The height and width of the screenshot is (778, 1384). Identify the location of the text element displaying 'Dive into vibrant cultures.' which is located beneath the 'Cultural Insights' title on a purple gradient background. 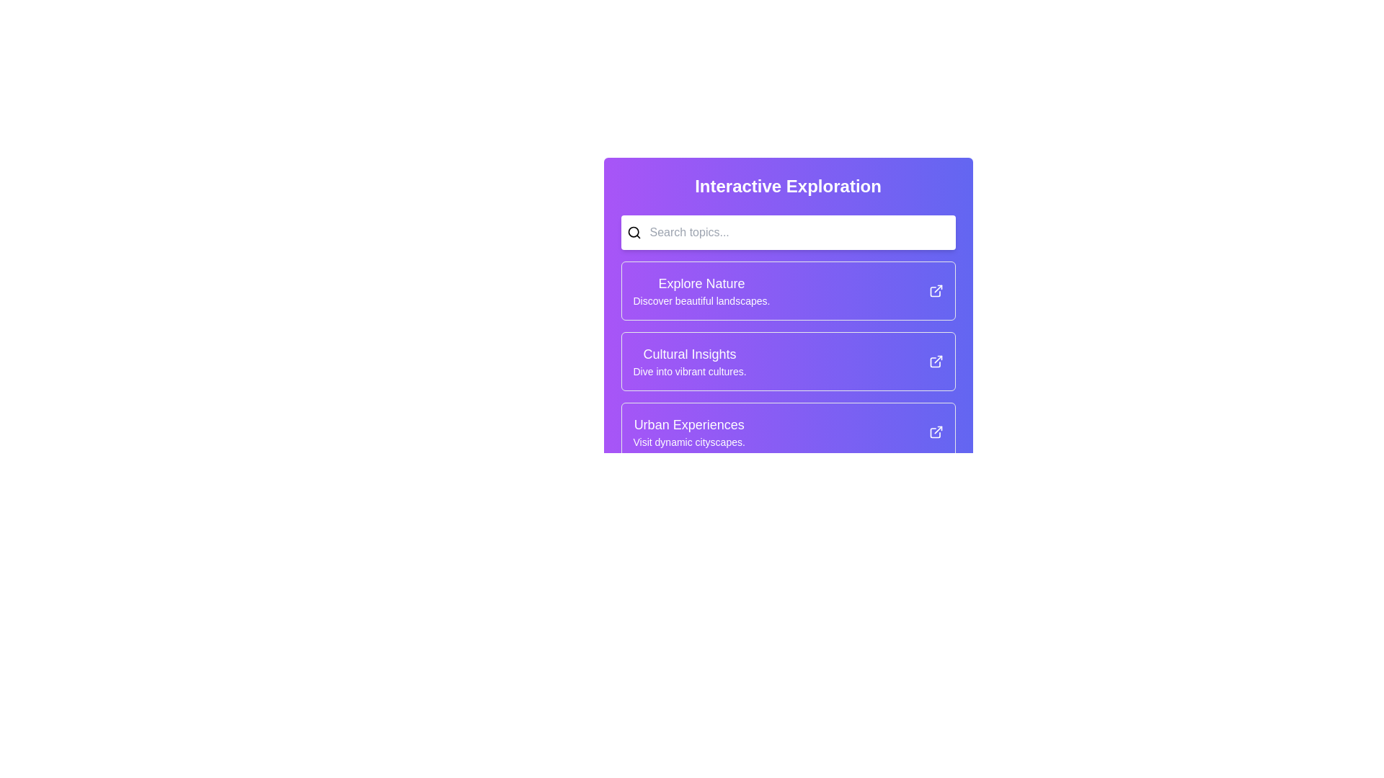
(689, 371).